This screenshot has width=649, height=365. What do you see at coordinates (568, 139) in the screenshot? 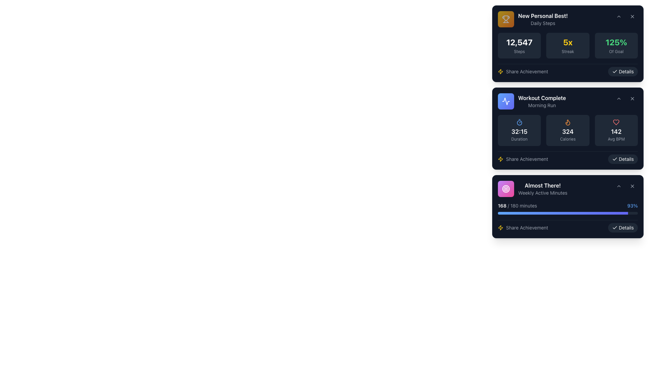
I see `label displaying 'Calories' which is styled in a small gray font and located directly below the number '324' on the information card` at bounding box center [568, 139].